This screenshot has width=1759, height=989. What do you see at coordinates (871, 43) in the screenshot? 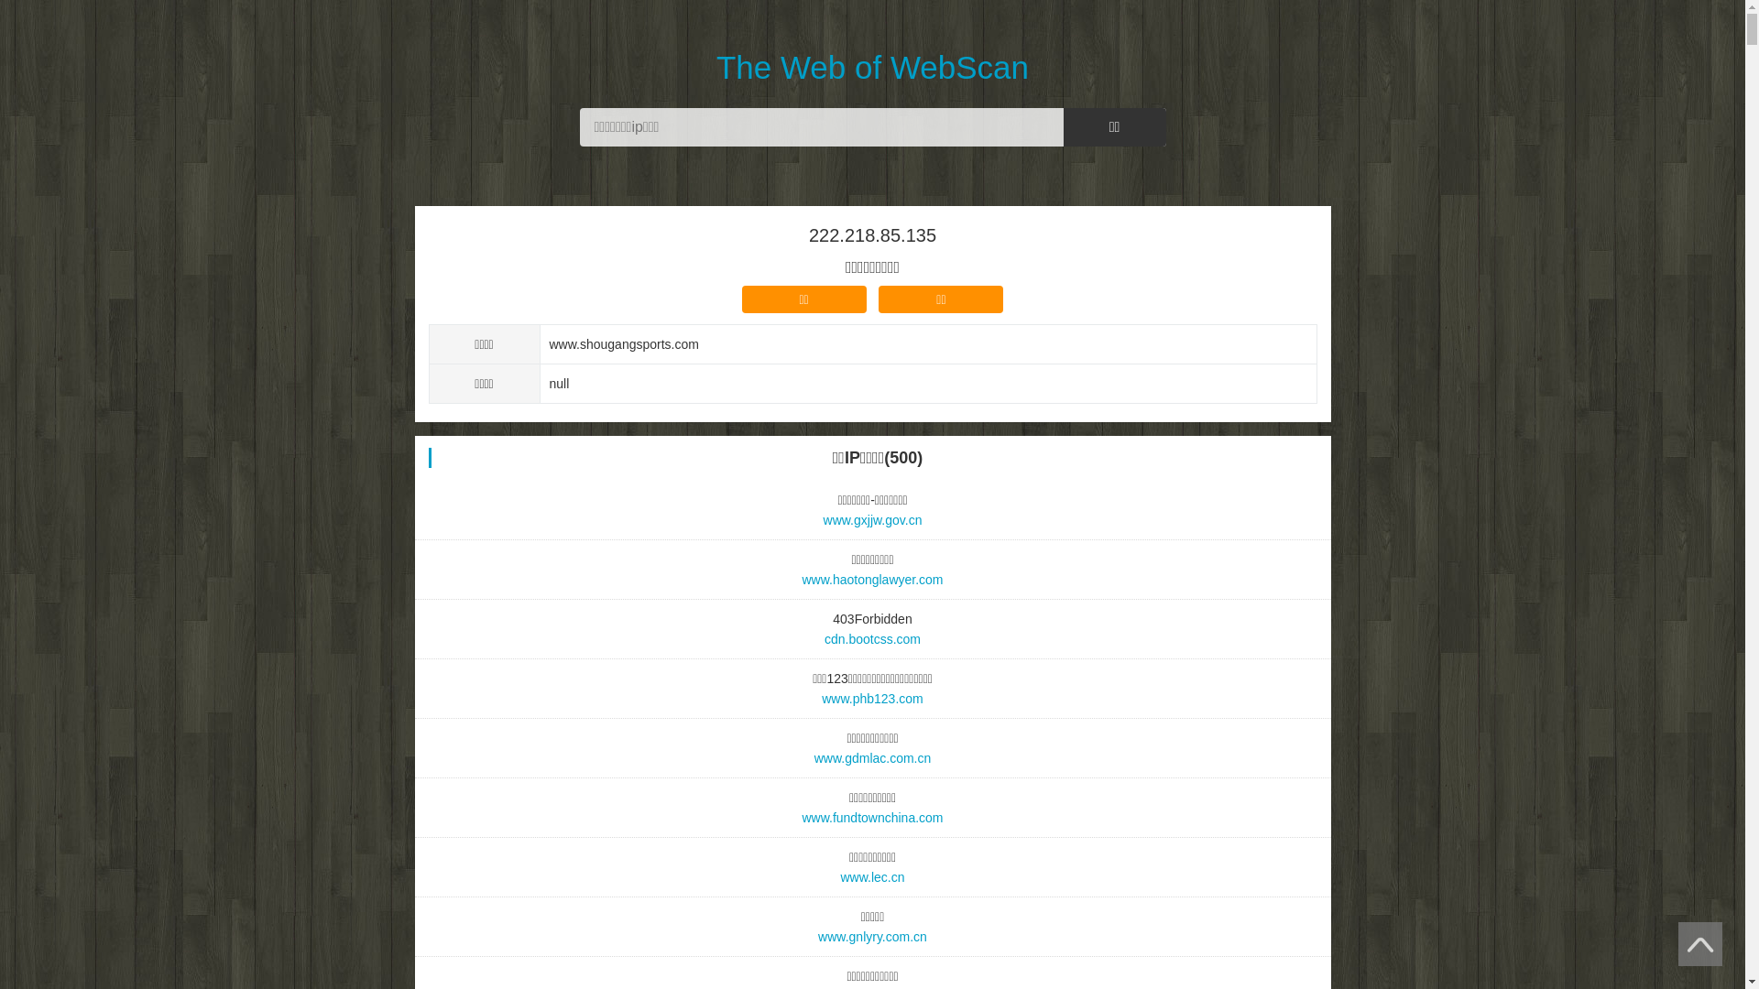
I see `'The Web of WebScan'` at bounding box center [871, 43].